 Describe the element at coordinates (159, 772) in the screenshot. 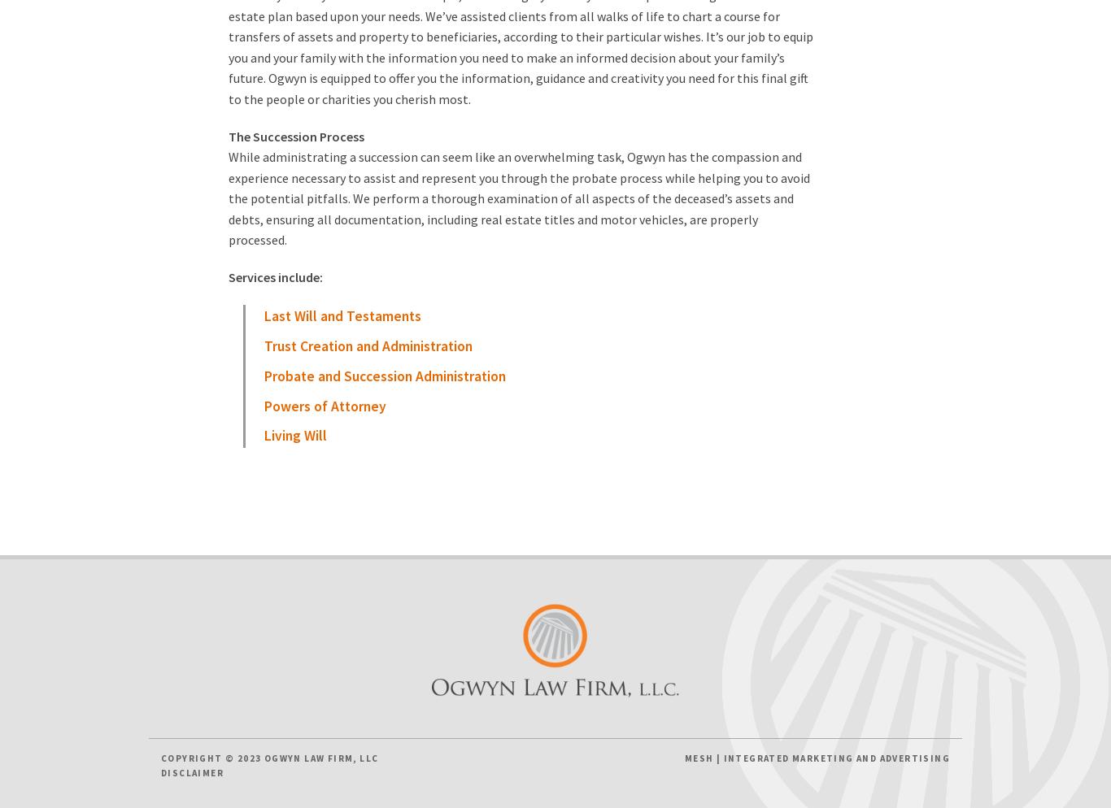

I see `'Disclaimer'` at that location.